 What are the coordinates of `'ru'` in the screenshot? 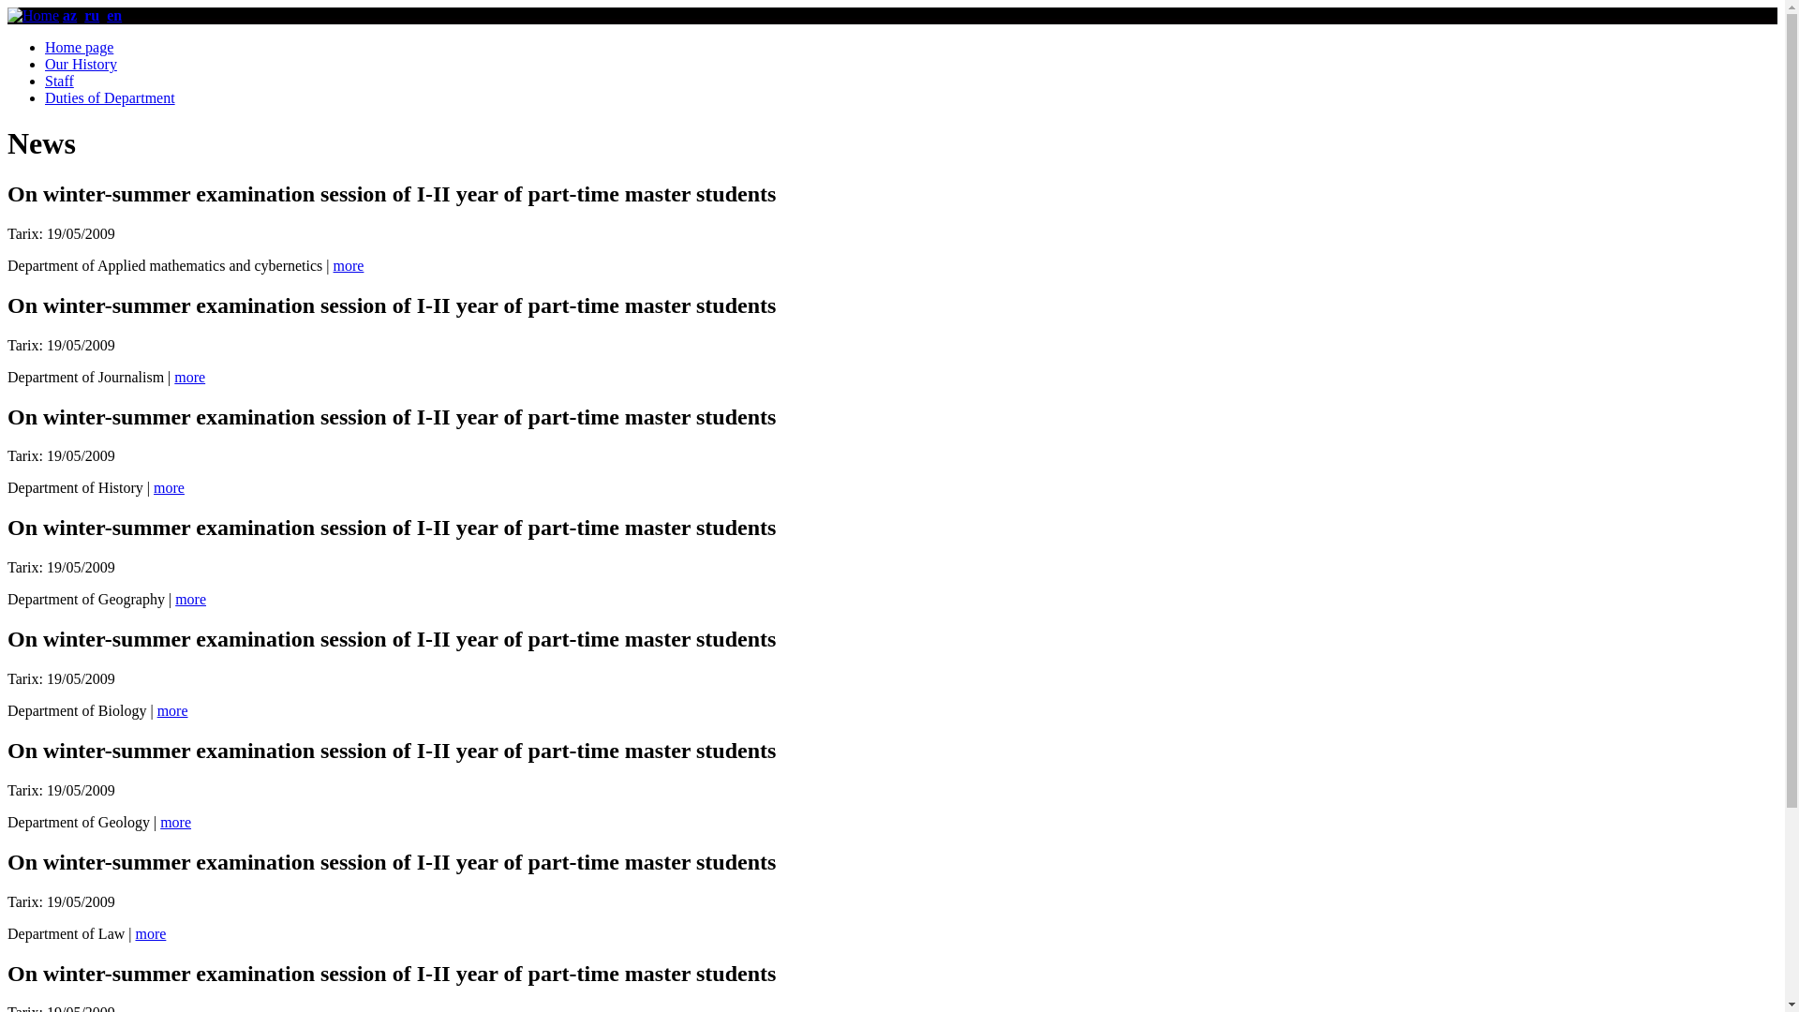 It's located at (83, 15).